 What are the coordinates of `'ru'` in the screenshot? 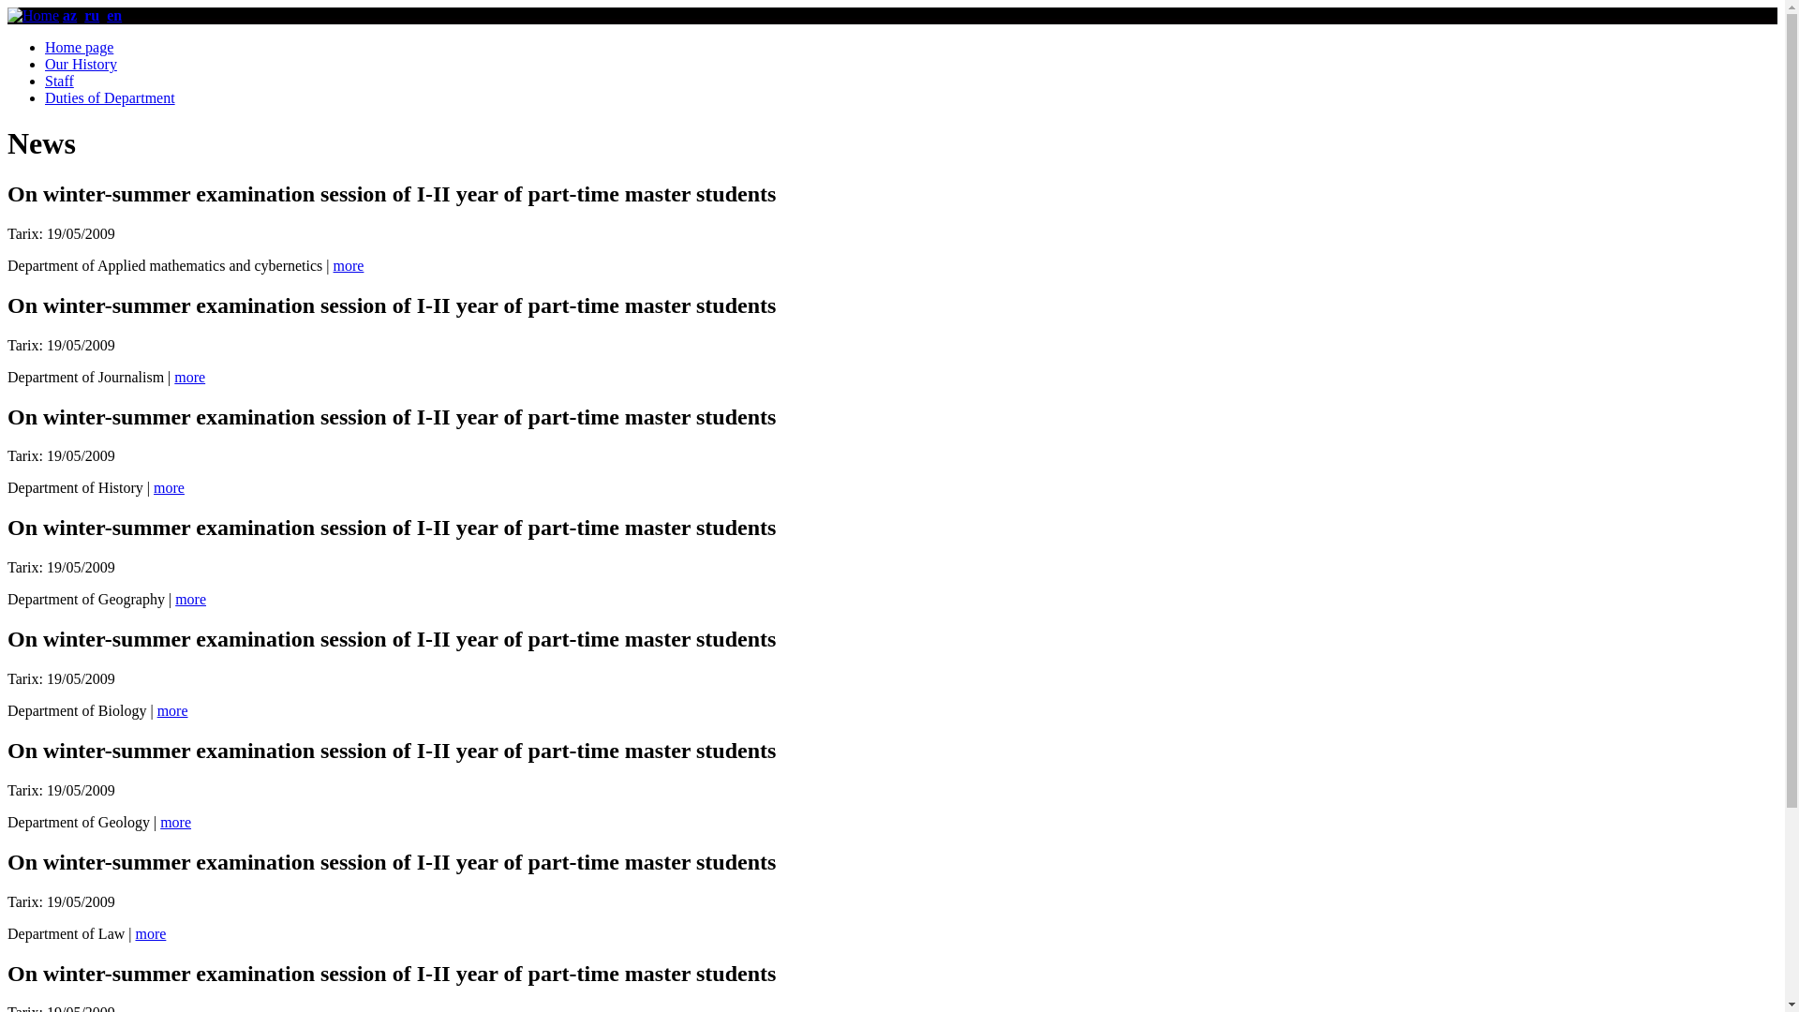 It's located at (83, 15).